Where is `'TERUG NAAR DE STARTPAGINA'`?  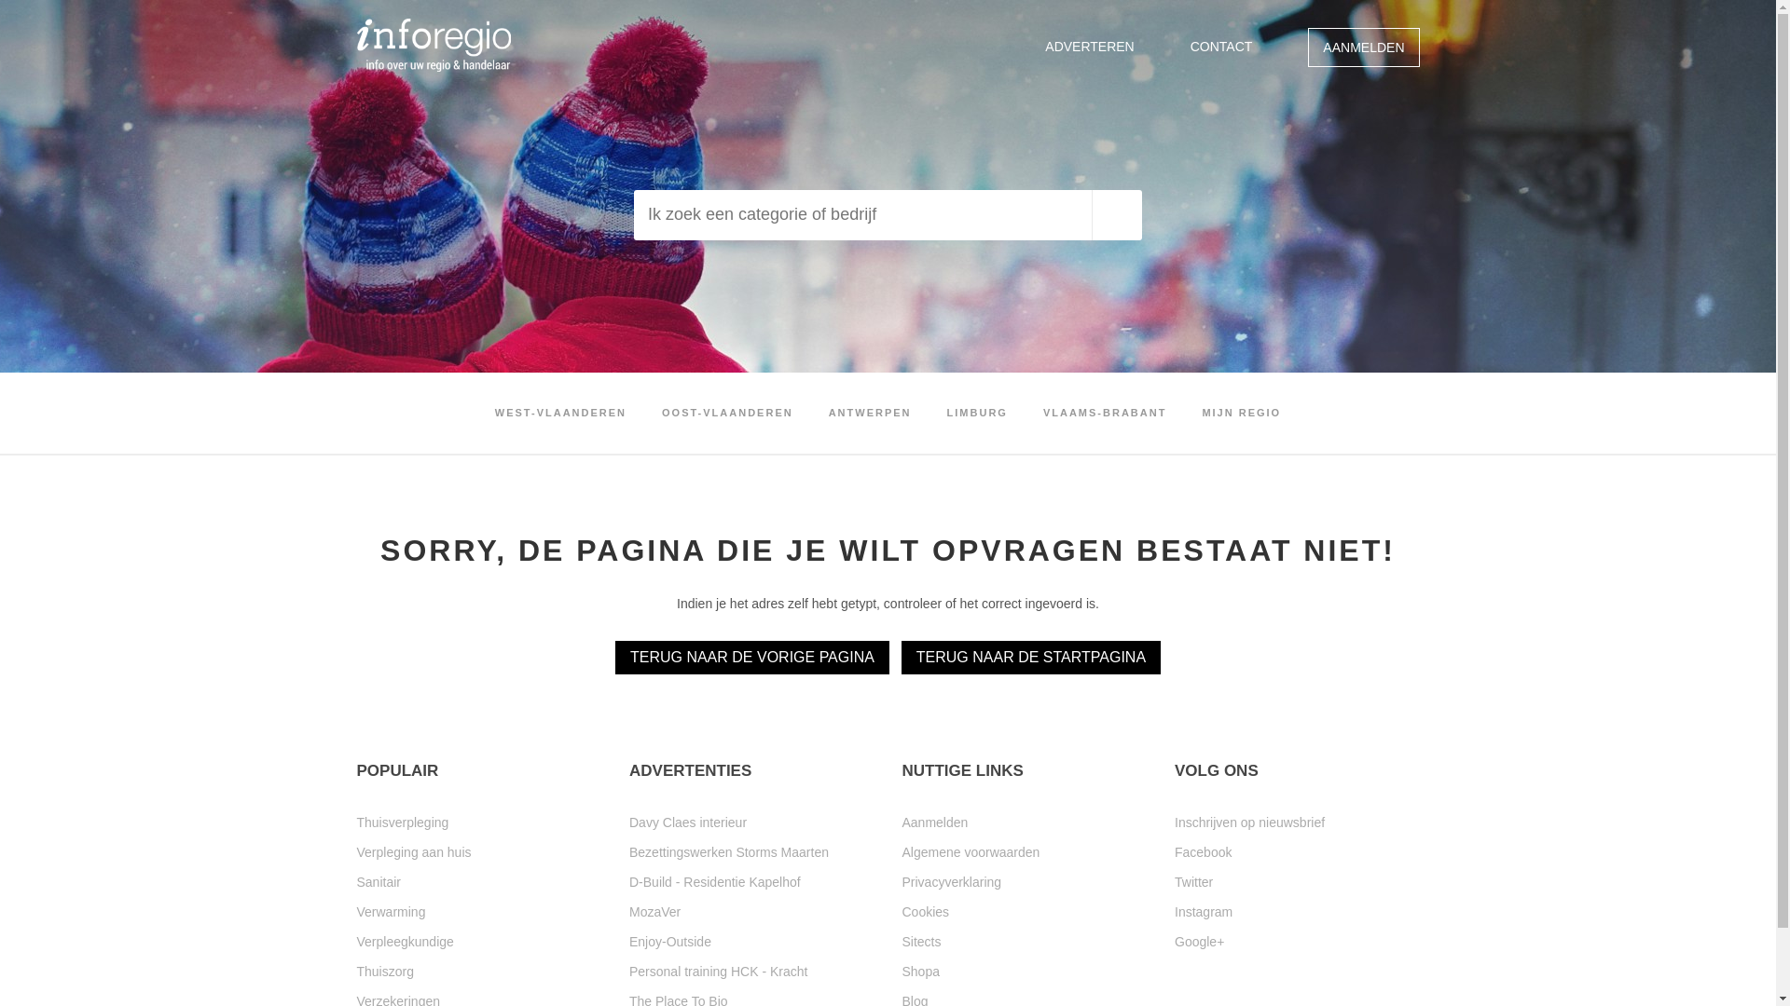
'TERUG NAAR DE STARTPAGINA' is located at coordinates (1029, 656).